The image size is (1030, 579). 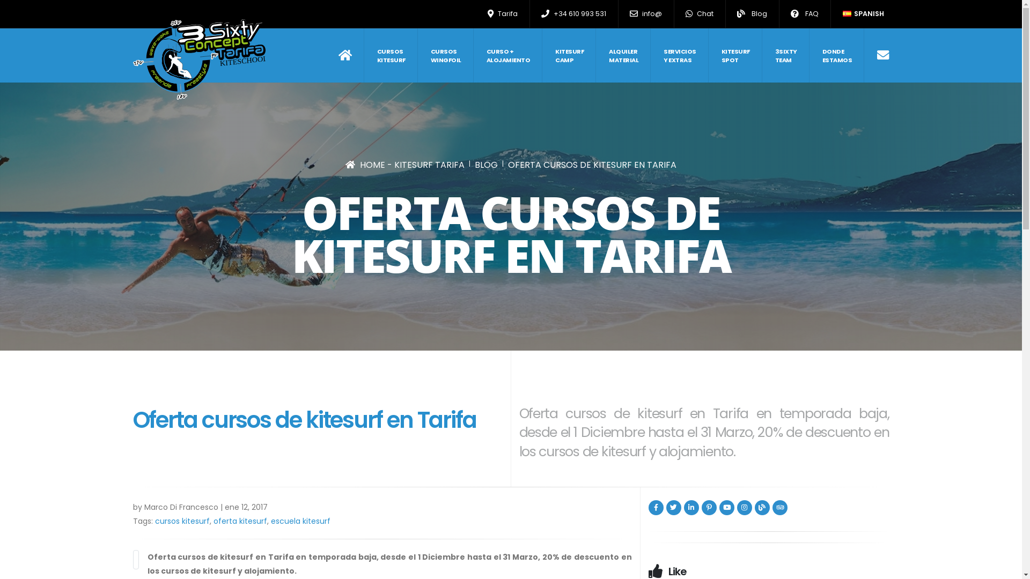 I want to click on 'Youtube', so click(x=726, y=507).